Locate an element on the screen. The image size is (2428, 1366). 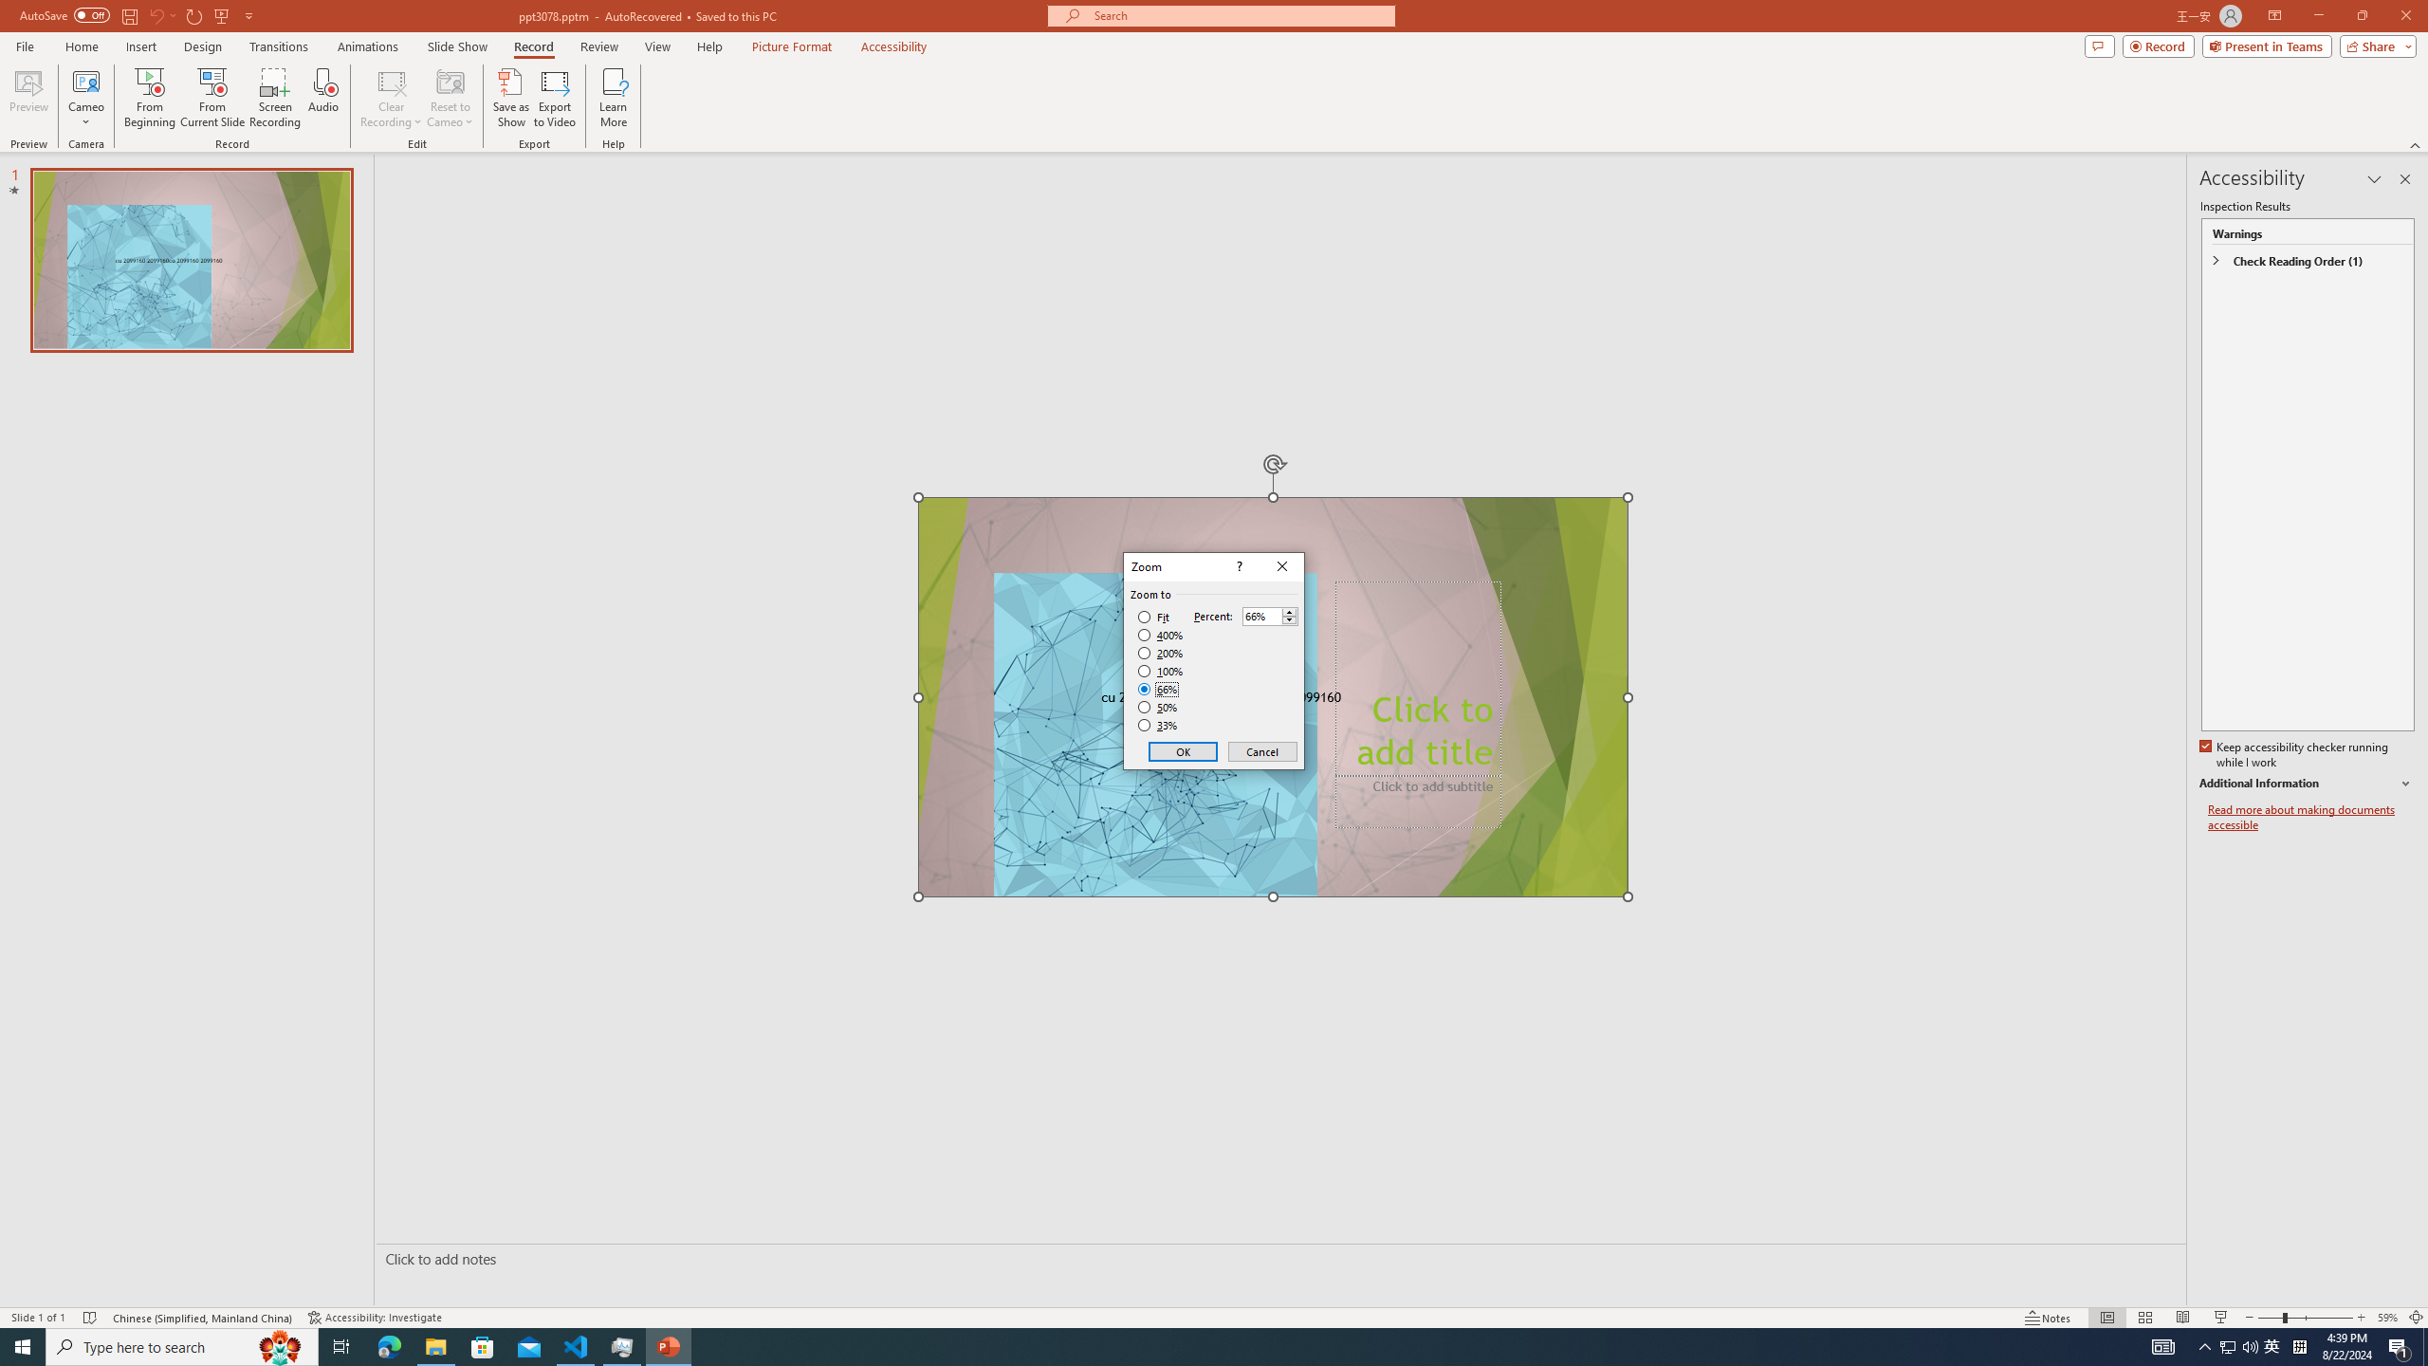
'More' is located at coordinates (1288, 611).